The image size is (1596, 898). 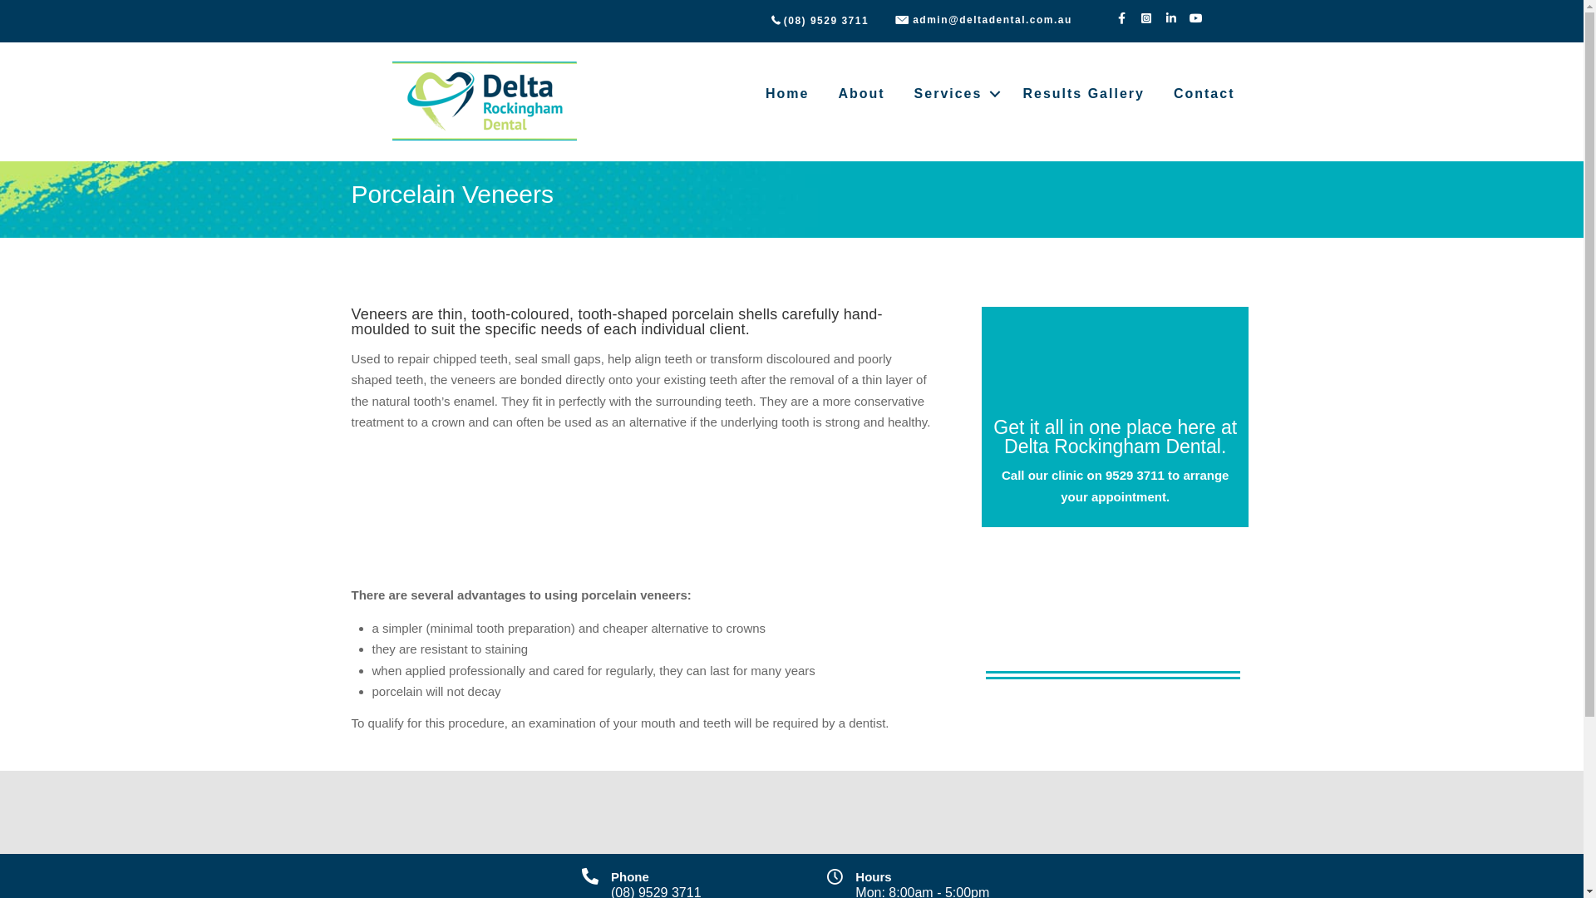 What do you see at coordinates (899, 93) in the screenshot?
I see `'Services'` at bounding box center [899, 93].